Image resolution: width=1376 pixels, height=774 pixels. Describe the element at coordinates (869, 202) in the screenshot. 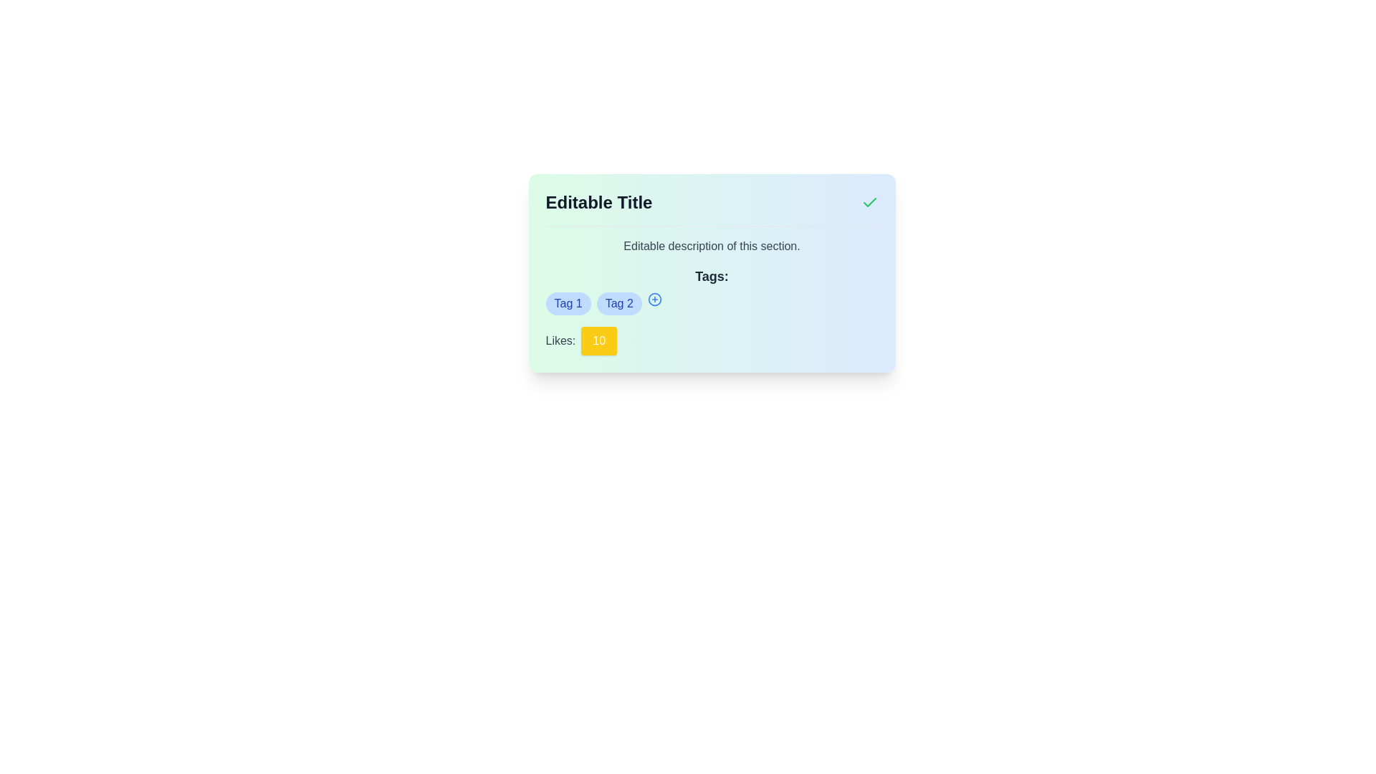

I see `the checkmark icon located at the top-right corner inside the card layout beside the 'Editable Title' text for interaction` at that location.